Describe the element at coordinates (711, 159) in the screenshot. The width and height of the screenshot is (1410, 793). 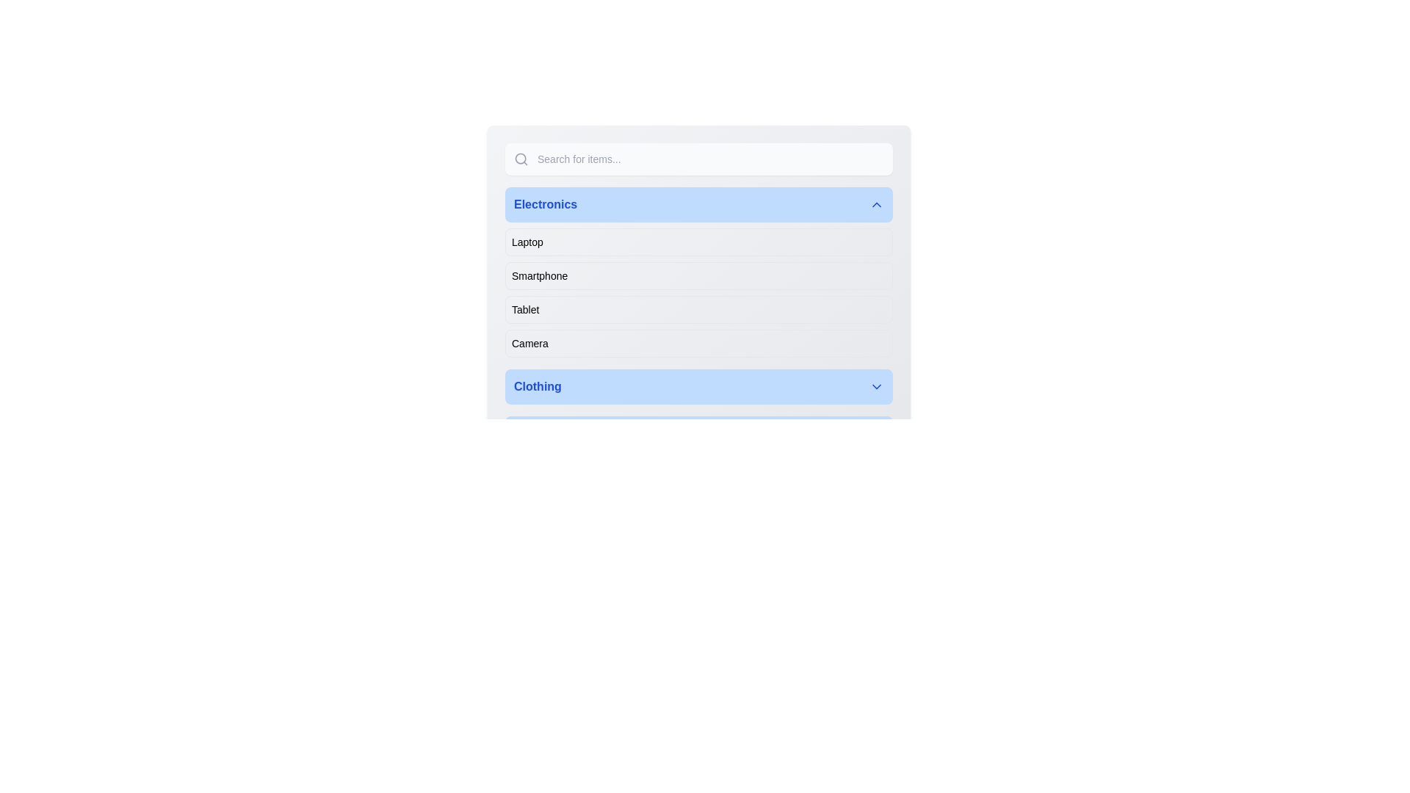
I see `the text input field with a light gray background and placeholder text 'Search for items...' to enable input methods` at that location.